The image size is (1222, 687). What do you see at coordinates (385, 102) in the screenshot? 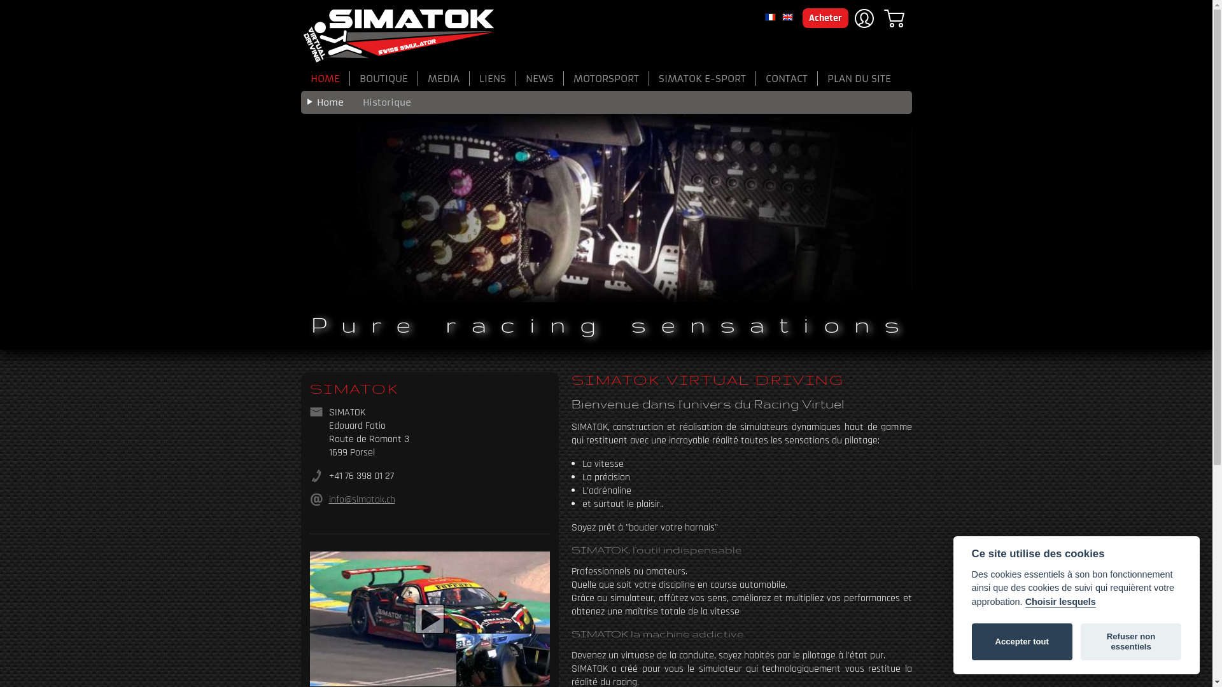
I see `'Historique'` at bounding box center [385, 102].